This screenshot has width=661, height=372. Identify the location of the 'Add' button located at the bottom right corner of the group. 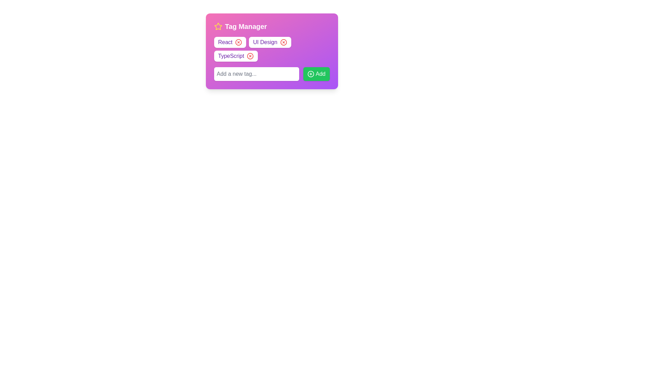
(316, 74).